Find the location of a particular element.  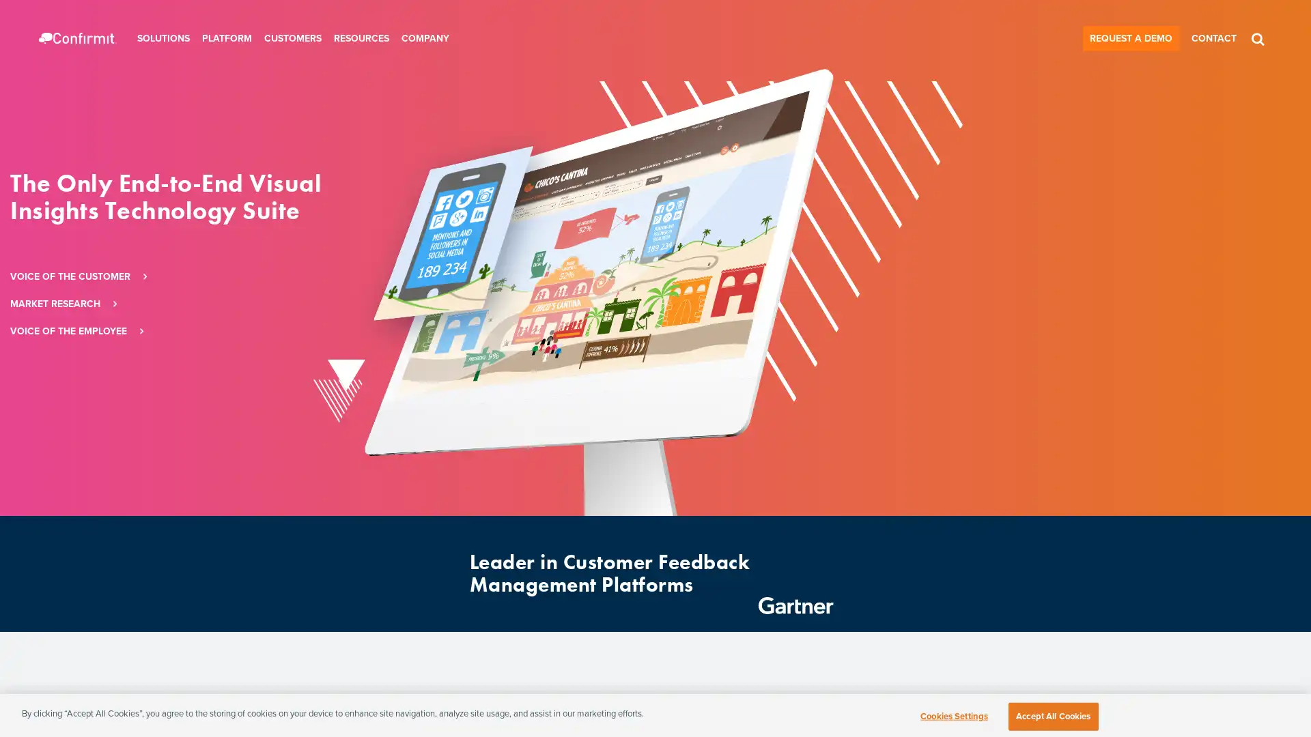

Cookies Settings is located at coordinates (953, 715).